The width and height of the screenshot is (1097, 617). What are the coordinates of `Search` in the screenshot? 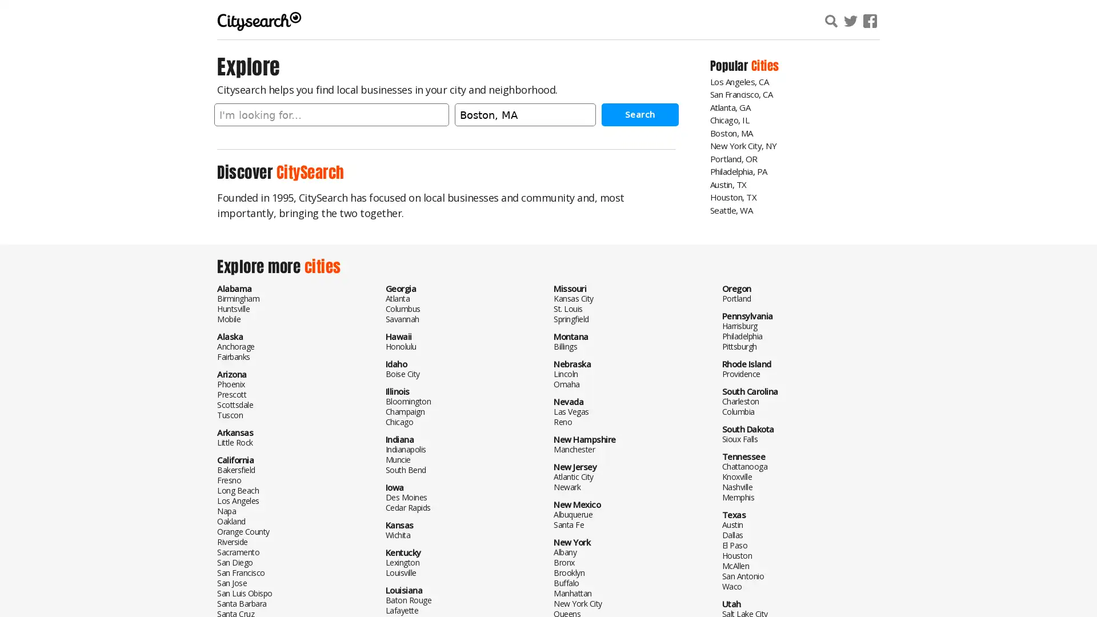 It's located at (967, 22).